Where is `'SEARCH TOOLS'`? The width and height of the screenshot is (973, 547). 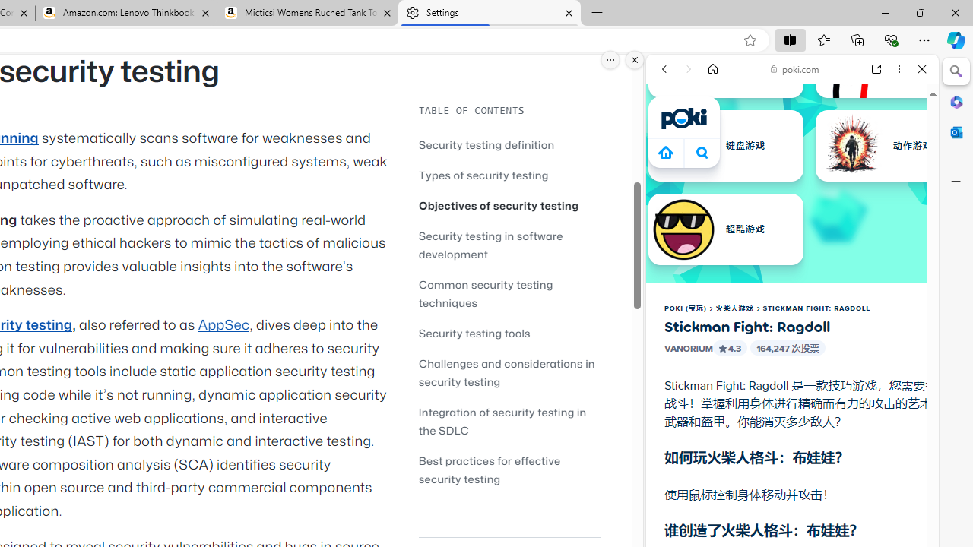 'SEARCH TOOLS' is located at coordinates (830, 172).